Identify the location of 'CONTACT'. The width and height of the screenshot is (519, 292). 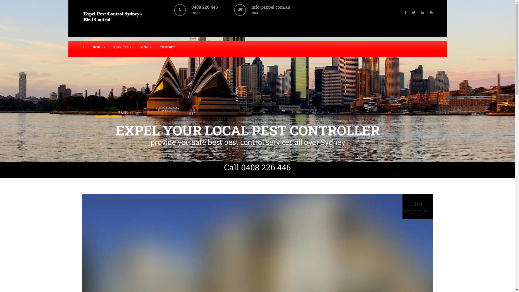
(167, 47).